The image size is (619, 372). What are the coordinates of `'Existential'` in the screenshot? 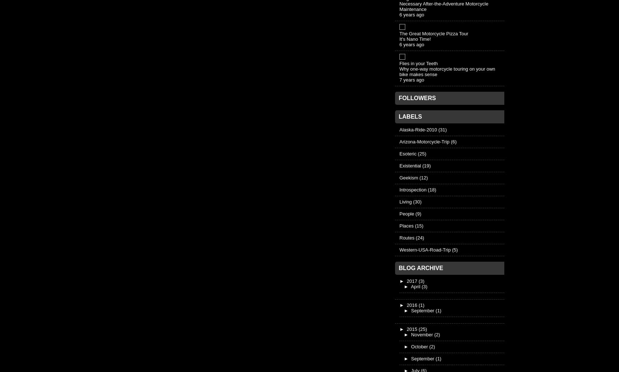 It's located at (399, 165).